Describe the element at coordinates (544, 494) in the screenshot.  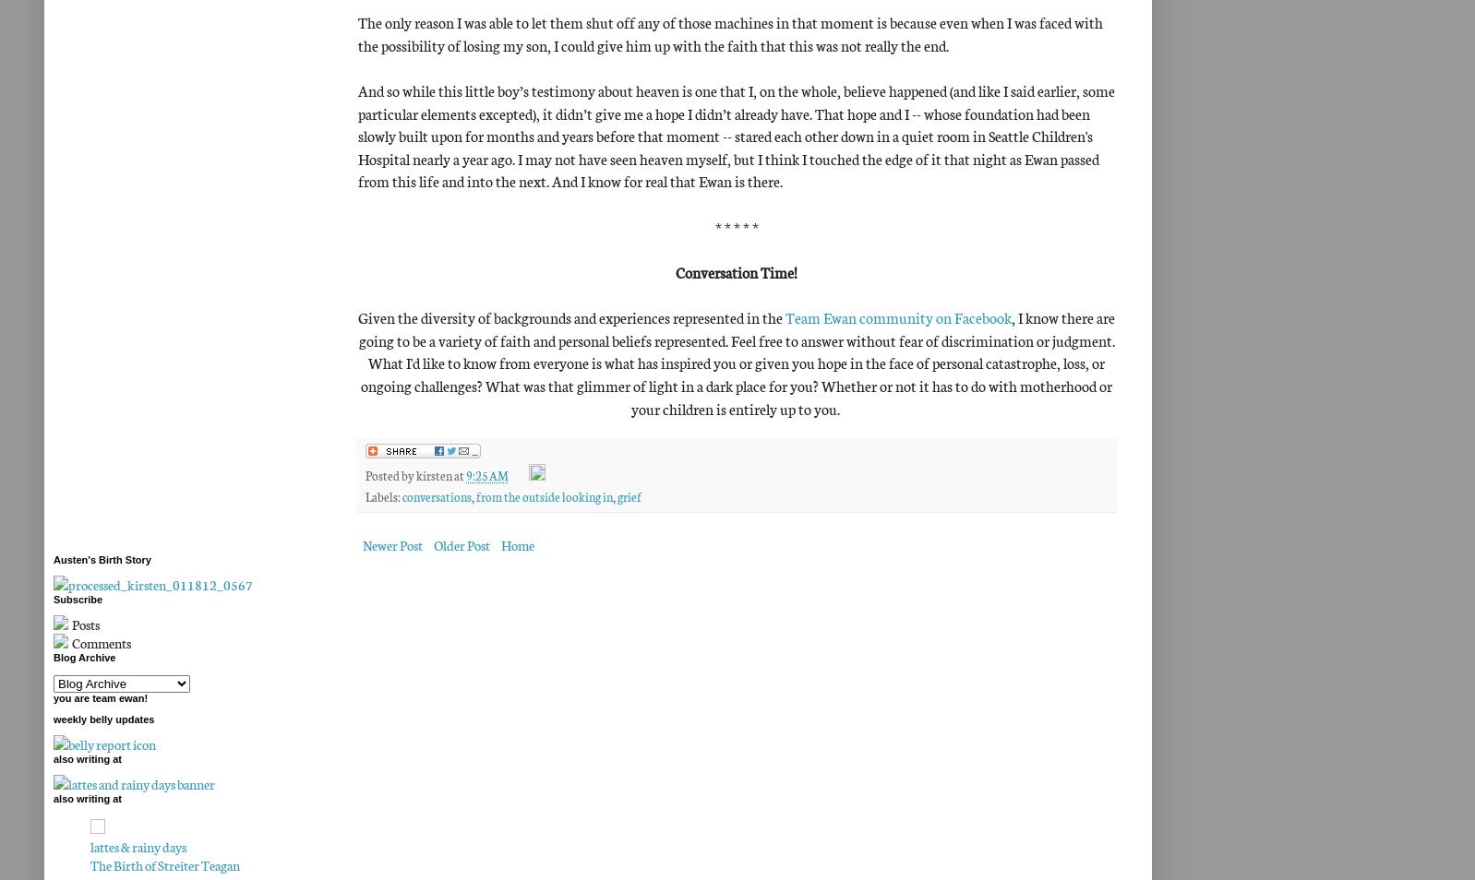
I see `'from the outside looking in'` at that location.